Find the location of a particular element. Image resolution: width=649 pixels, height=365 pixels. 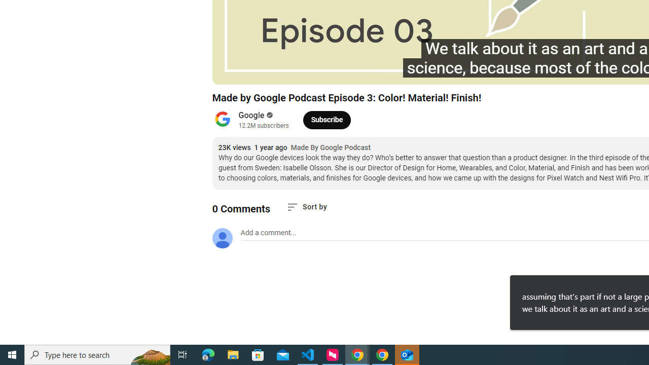

'Subscribe to Google.' is located at coordinates (327, 119).